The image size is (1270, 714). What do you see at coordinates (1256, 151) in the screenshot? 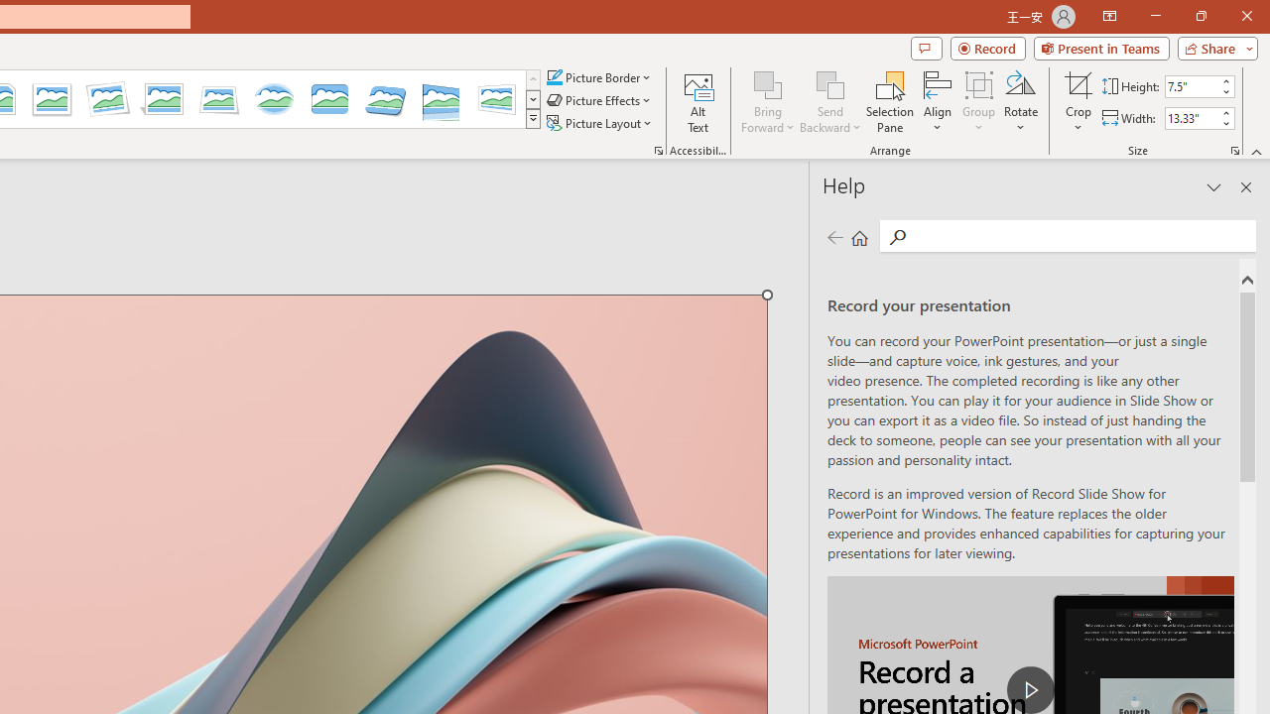
I see `'Collapse the Ribbon'` at bounding box center [1256, 151].